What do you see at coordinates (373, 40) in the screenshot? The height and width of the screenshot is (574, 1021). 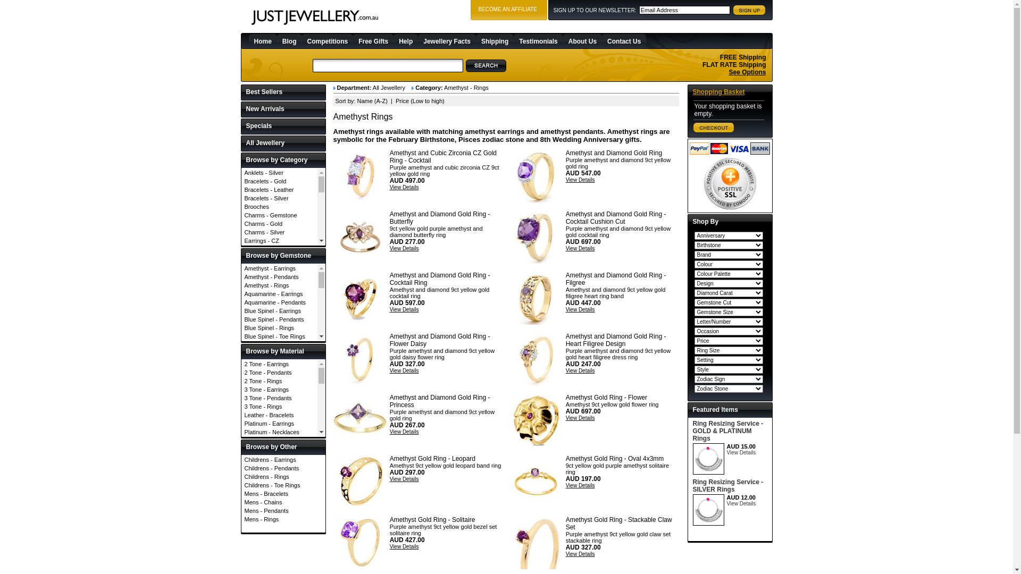 I see `'Free Gifts'` at bounding box center [373, 40].